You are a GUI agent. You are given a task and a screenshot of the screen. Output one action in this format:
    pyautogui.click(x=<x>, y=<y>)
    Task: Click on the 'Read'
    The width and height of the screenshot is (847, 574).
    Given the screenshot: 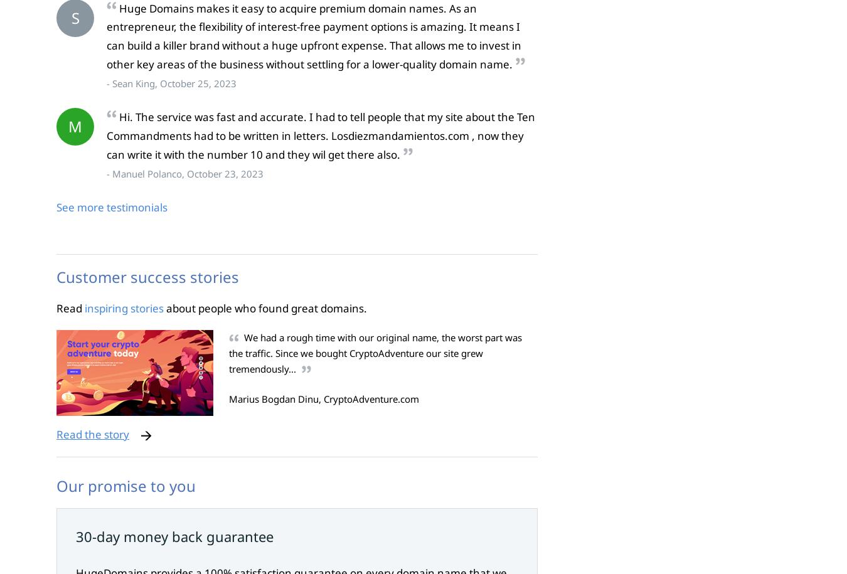 What is the action you would take?
    pyautogui.click(x=56, y=307)
    